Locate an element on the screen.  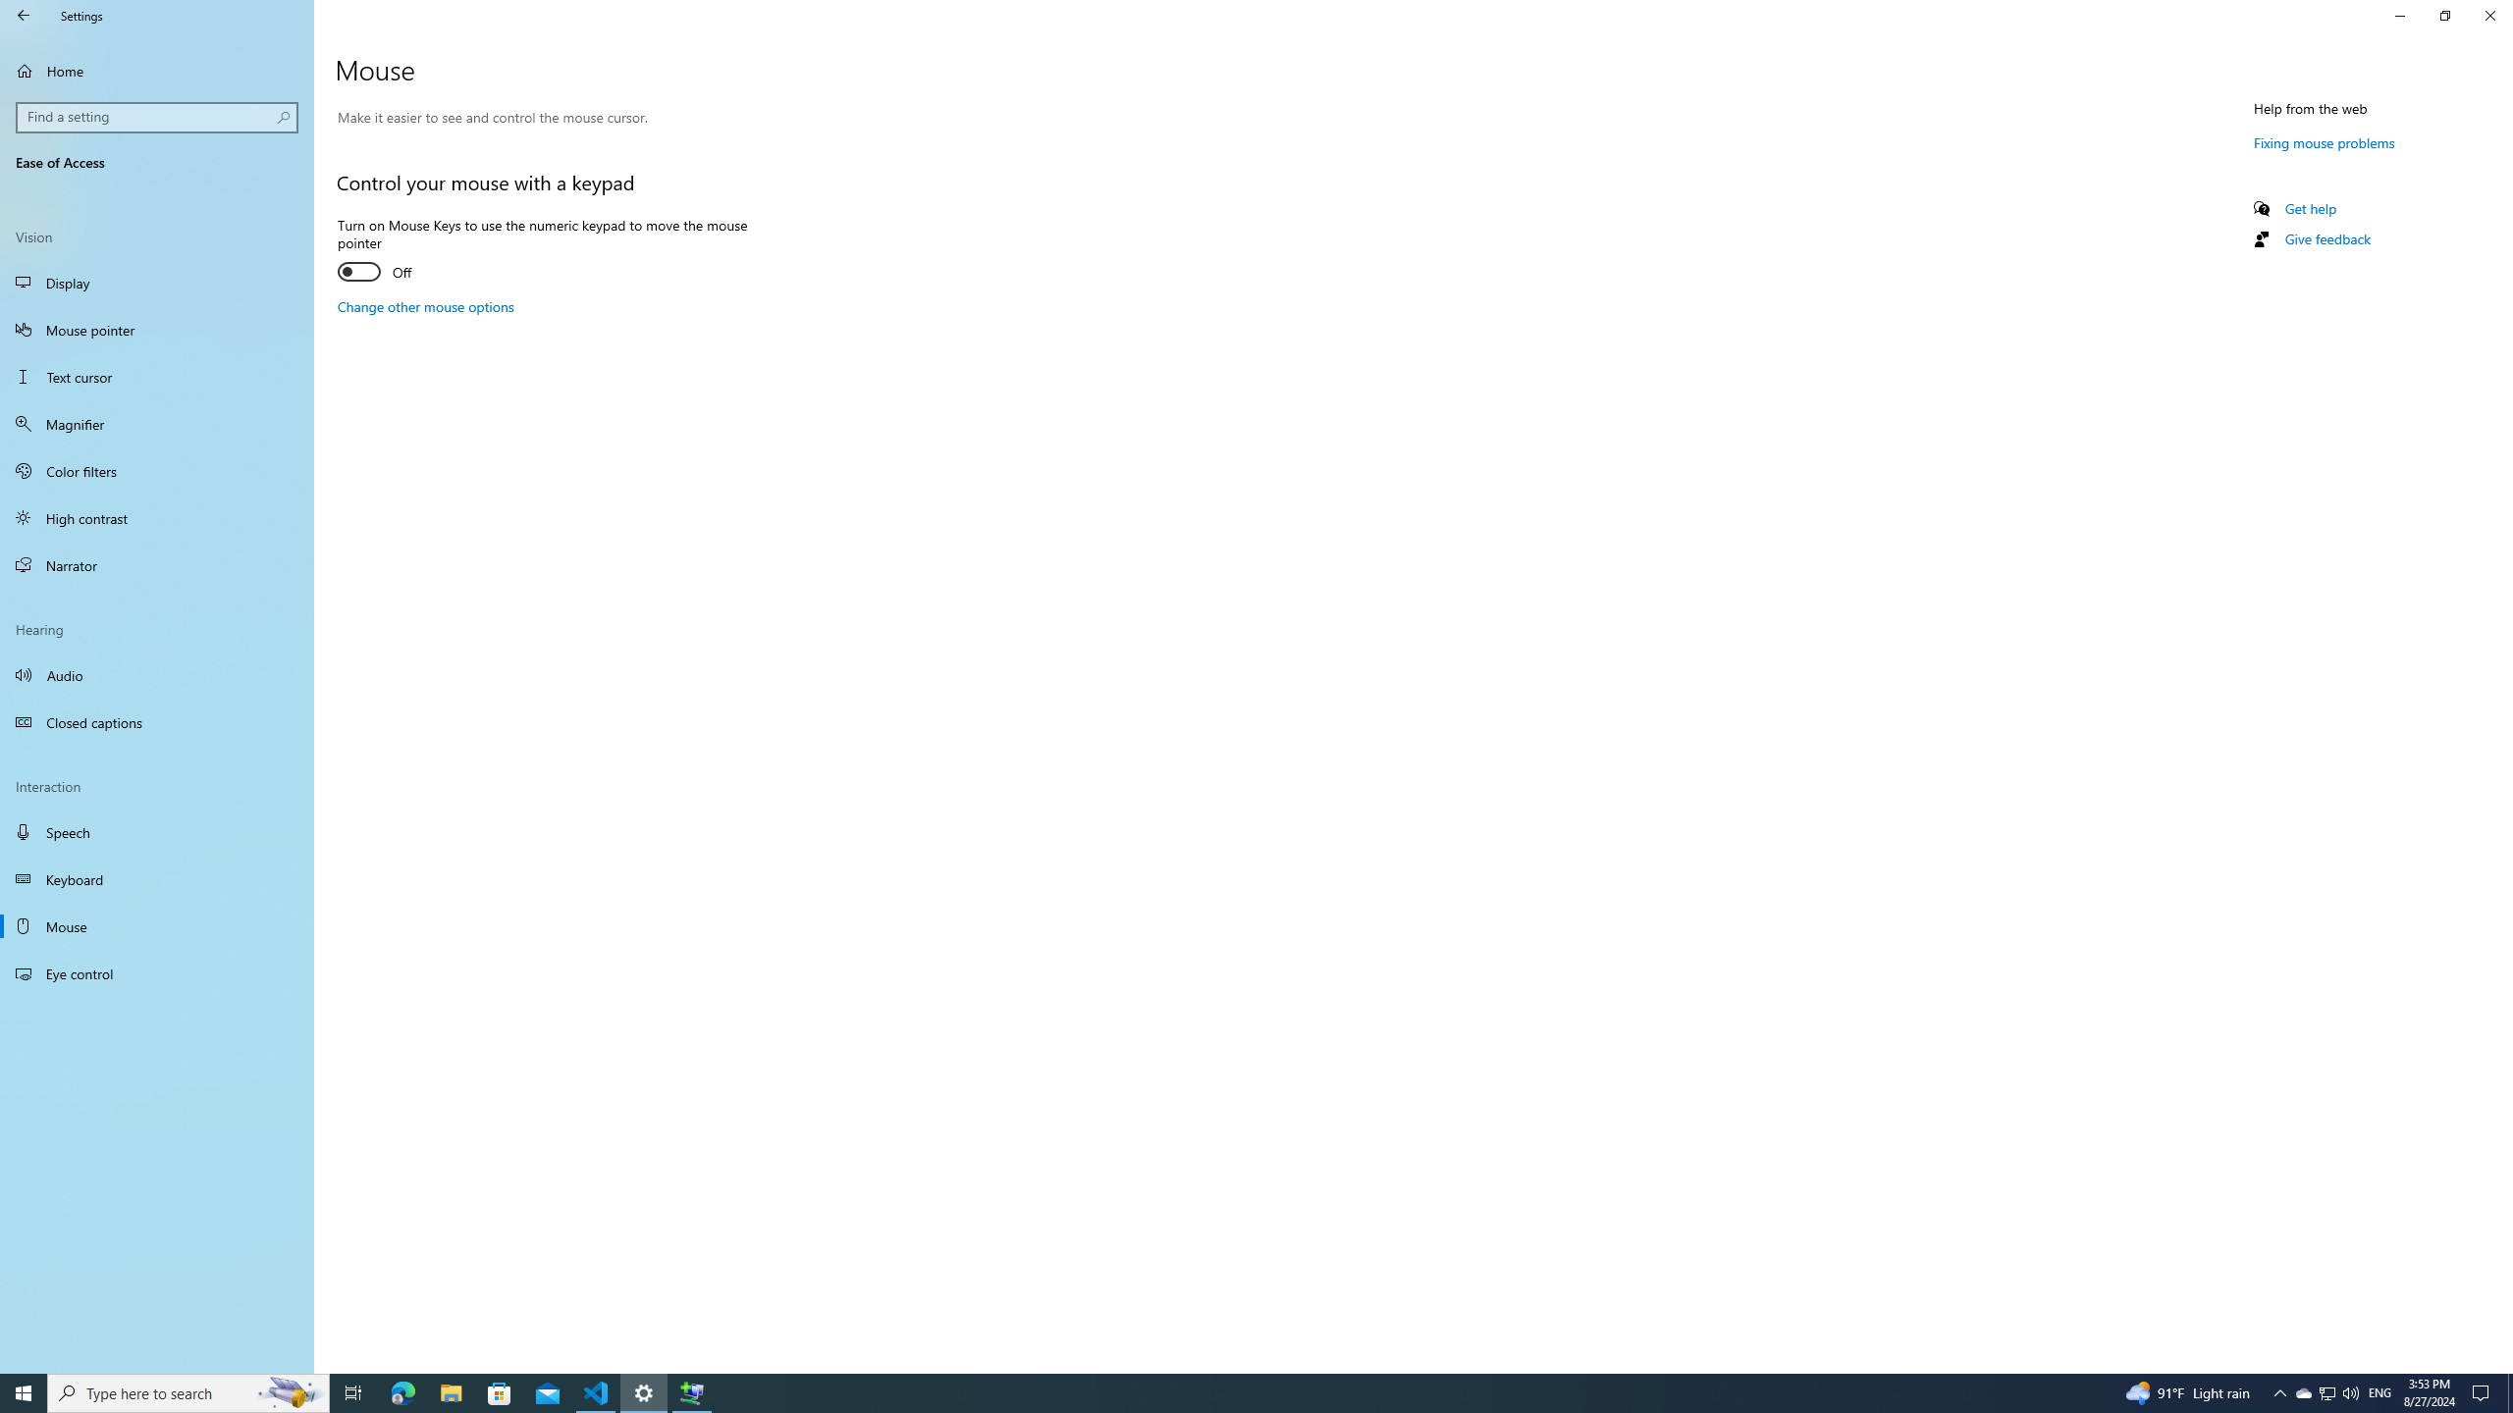
'Mouse' is located at coordinates (156, 924).